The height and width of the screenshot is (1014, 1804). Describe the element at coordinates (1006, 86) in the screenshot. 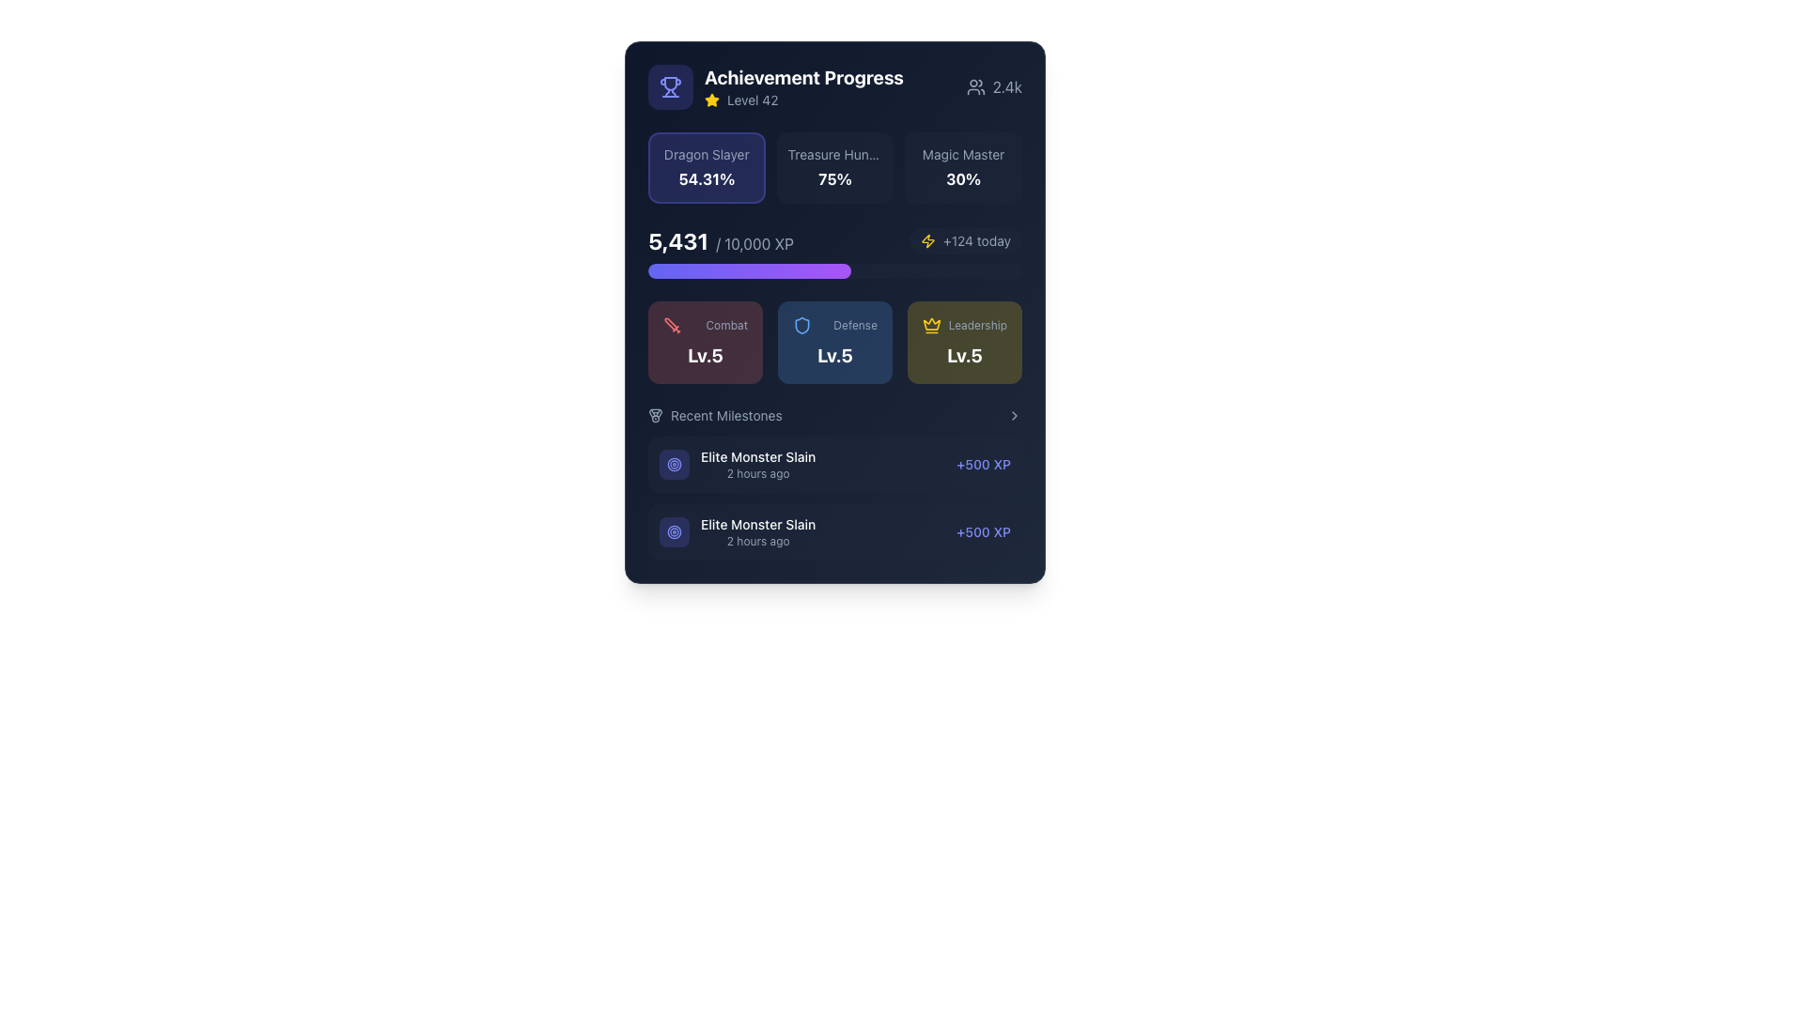

I see `the non-interactive Text label displaying a count next to the user group icon in the top right corner of the 'Achievement Progress' card` at that location.